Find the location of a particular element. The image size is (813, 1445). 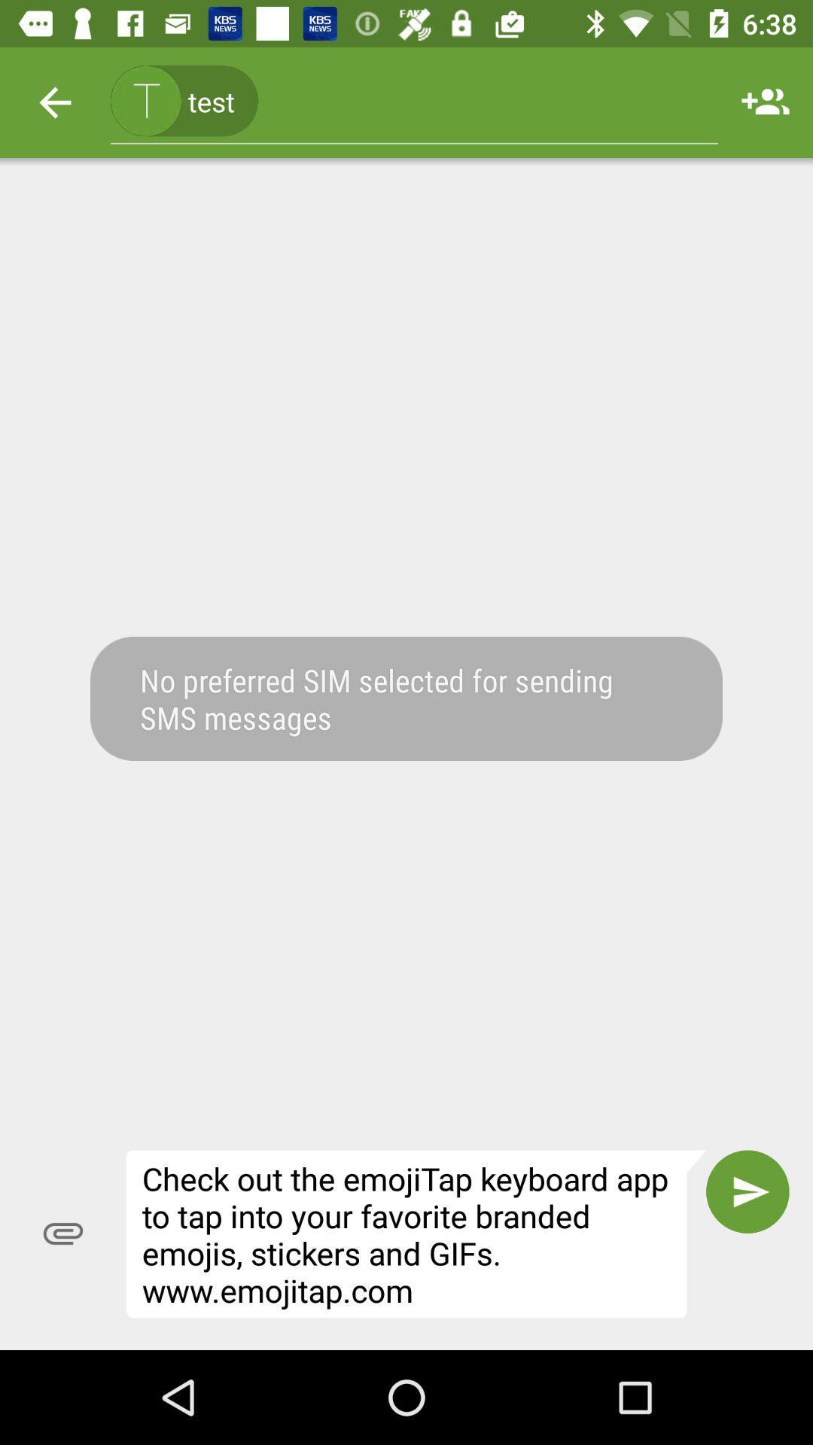

the icon next to check out the icon is located at coordinates (62, 1234).